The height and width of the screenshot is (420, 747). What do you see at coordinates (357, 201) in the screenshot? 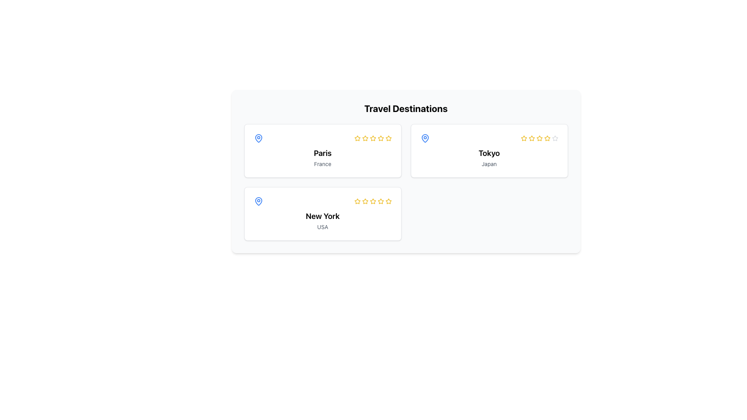
I see `the second star icon in the 'New York' card to rate it, which is styled in yellow to indicate an active state` at bounding box center [357, 201].